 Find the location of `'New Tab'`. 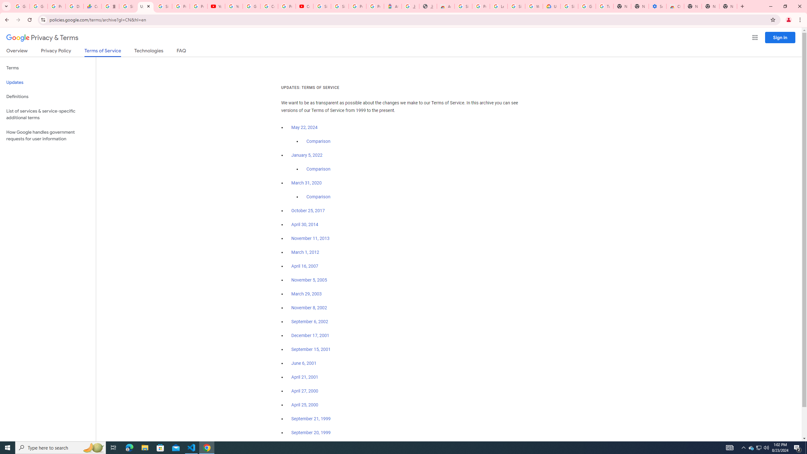

'New Tab' is located at coordinates (693, 6).